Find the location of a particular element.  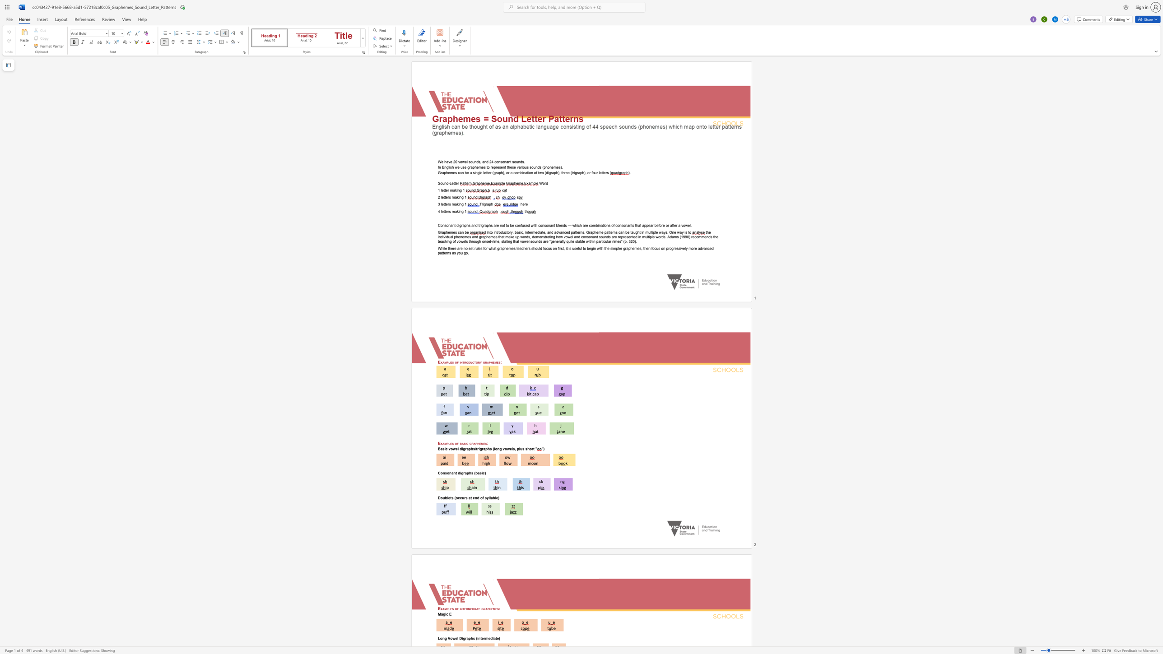

the 1th character "w" in the text is located at coordinates (453, 638).